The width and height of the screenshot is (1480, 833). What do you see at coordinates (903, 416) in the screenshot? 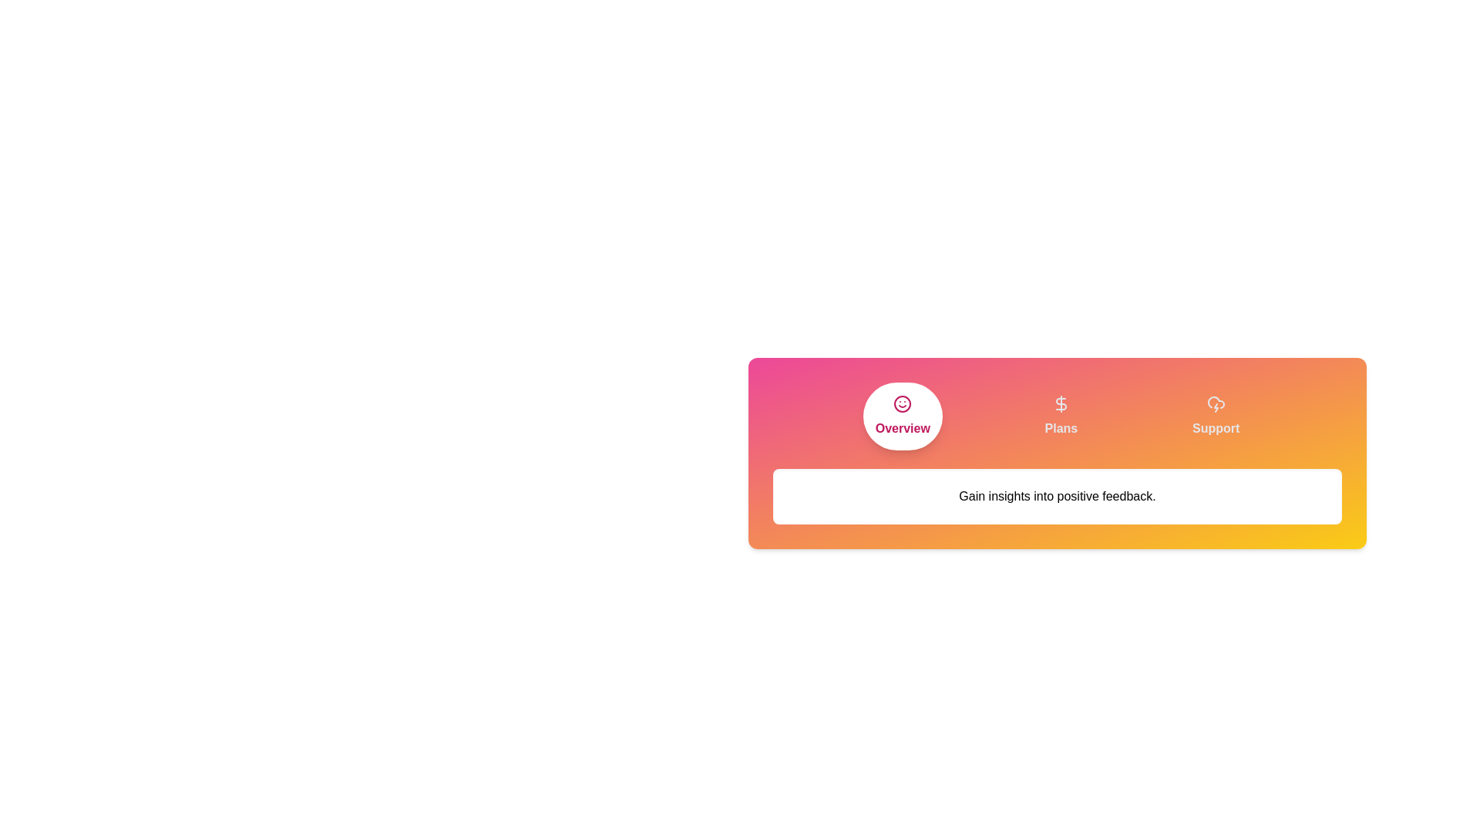
I see `the Overview tab to activate it` at bounding box center [903, 416].